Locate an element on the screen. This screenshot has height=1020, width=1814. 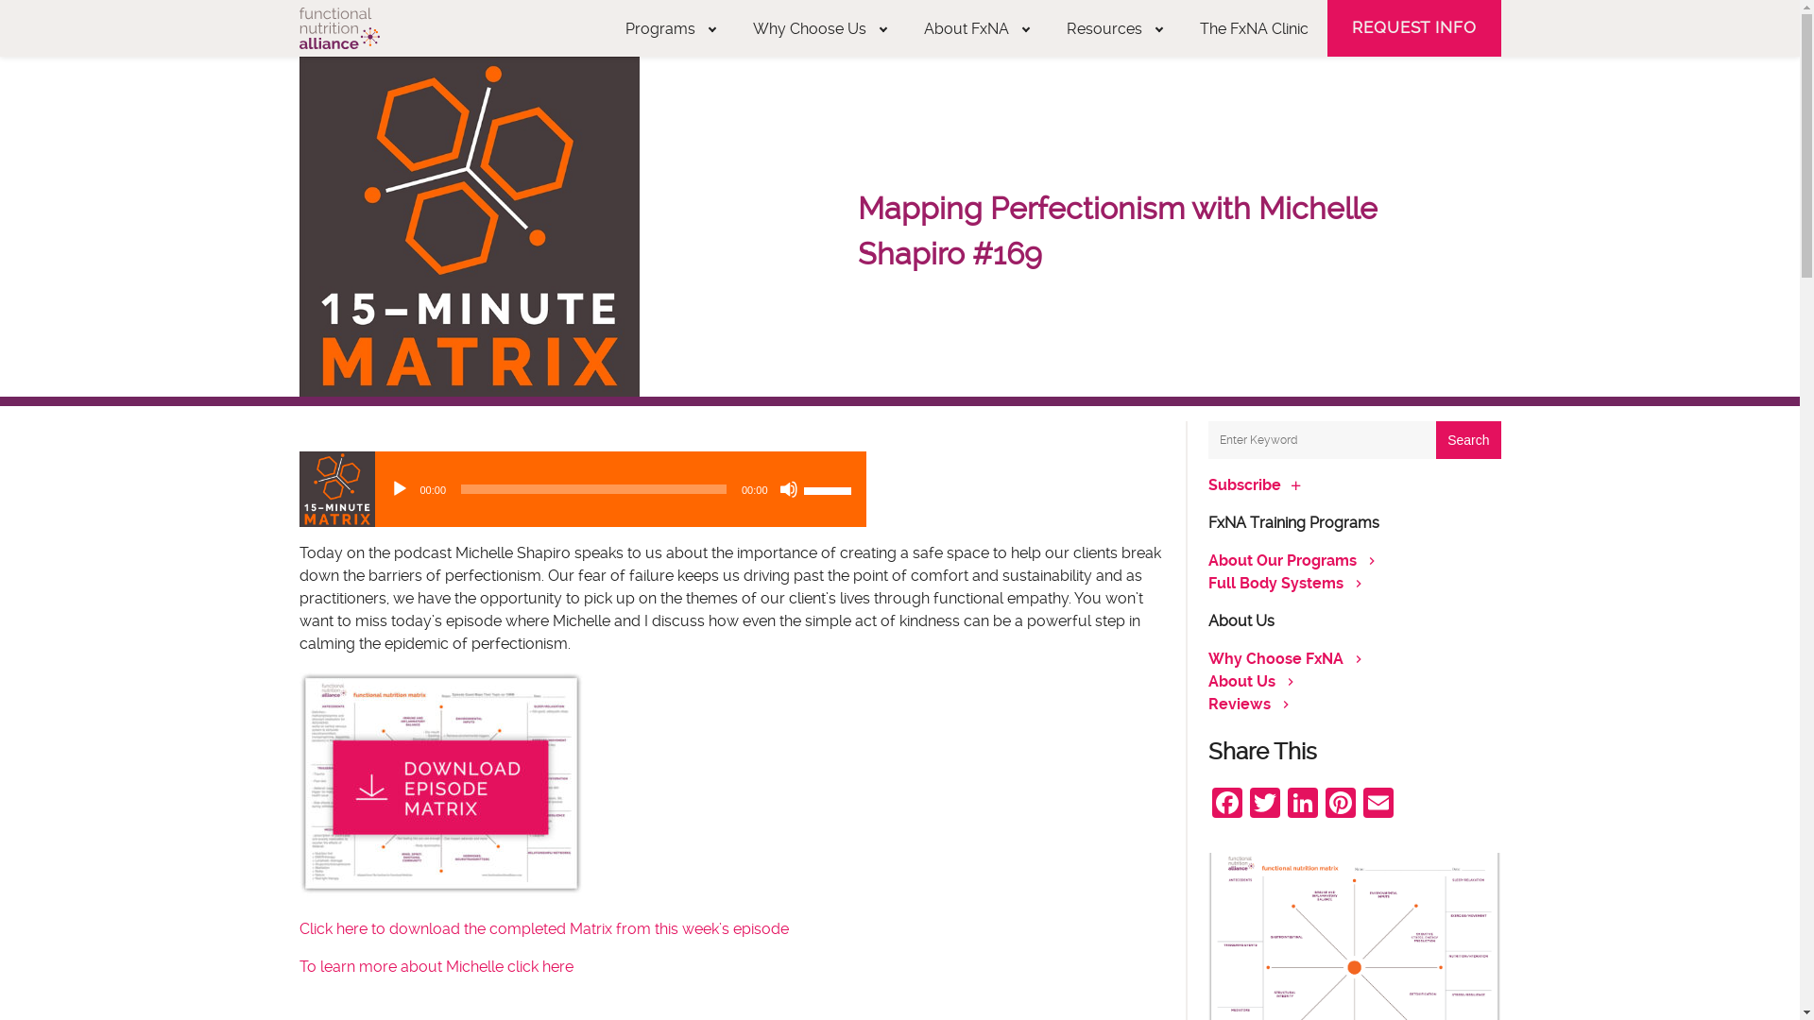
'Resources' is located at coordinates (1114, 28).